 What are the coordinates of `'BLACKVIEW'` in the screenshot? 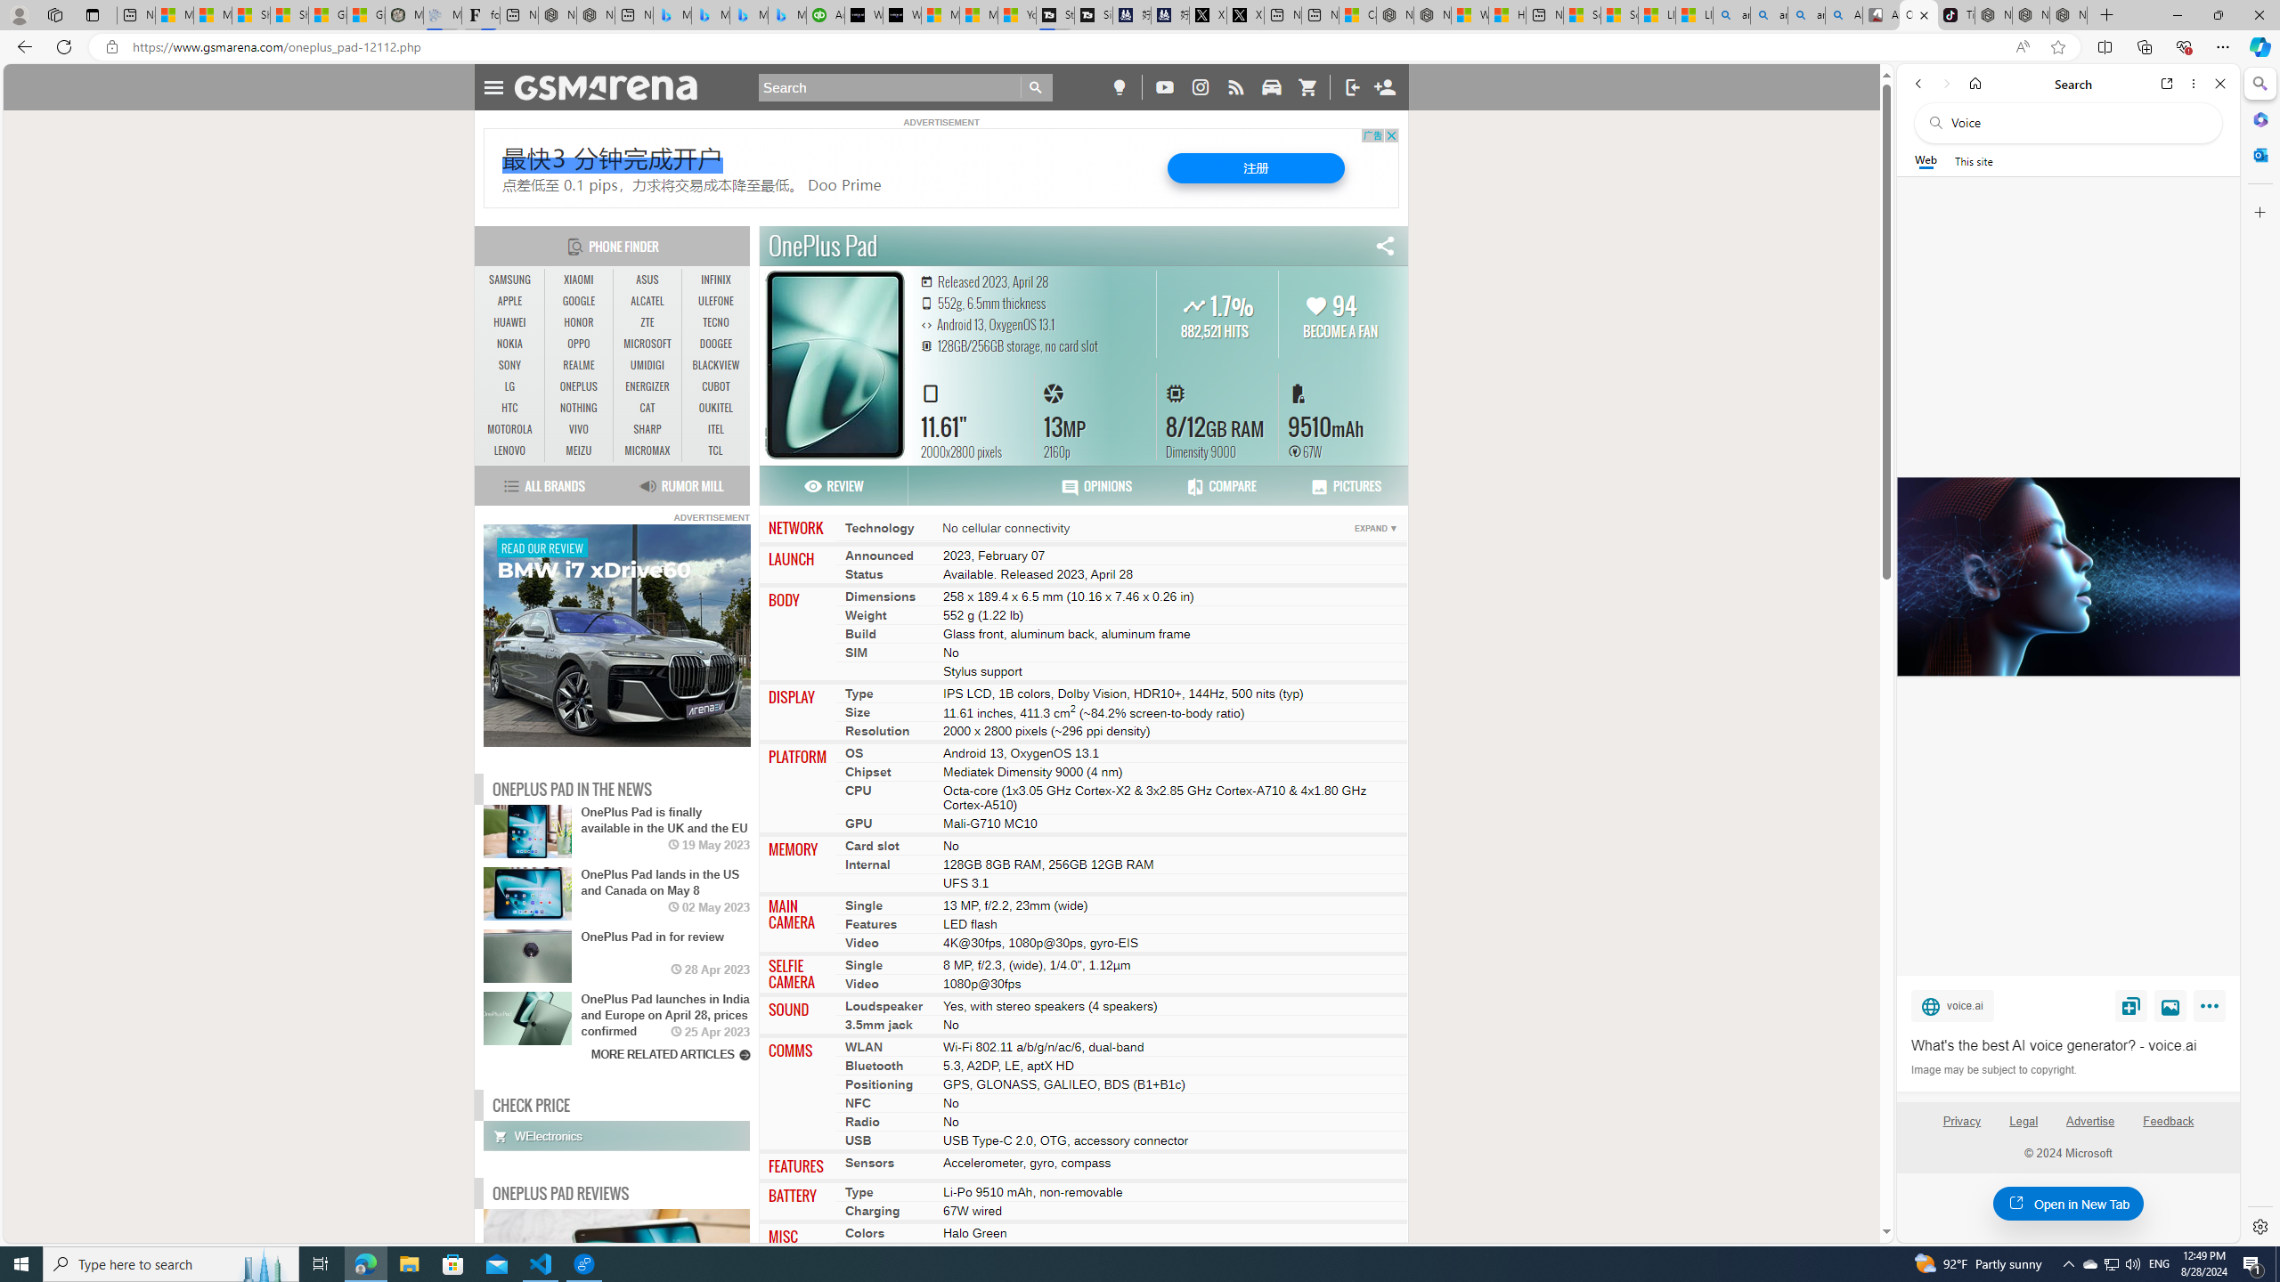 It's located at (715, 364).